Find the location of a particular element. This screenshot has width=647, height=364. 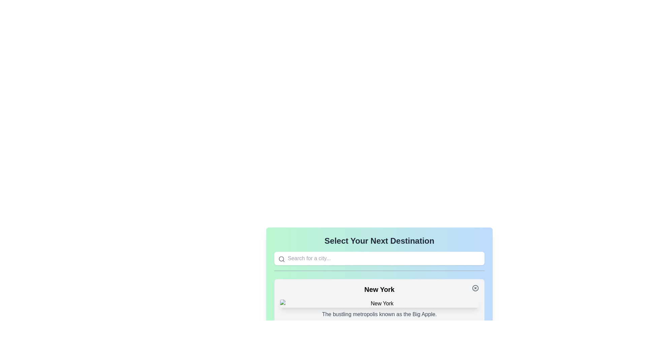

the SVG circle component that represents the search function located to the left of the 'Search for a city...' placeholder text in the input field is located at coordinates (281, 259).